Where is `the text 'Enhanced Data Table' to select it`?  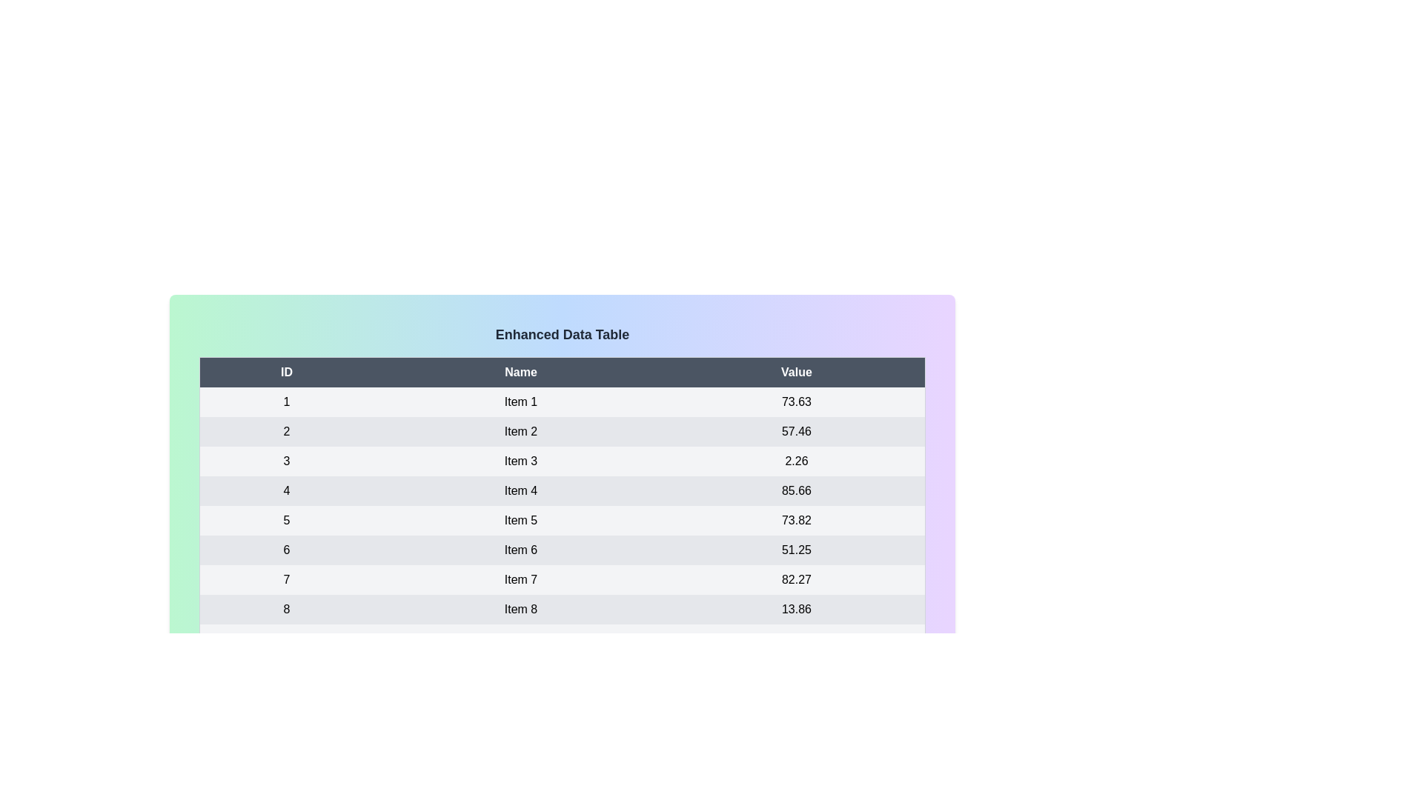 the text 'Enhanced Data Table' to select it is located at coordinates (561, 334).